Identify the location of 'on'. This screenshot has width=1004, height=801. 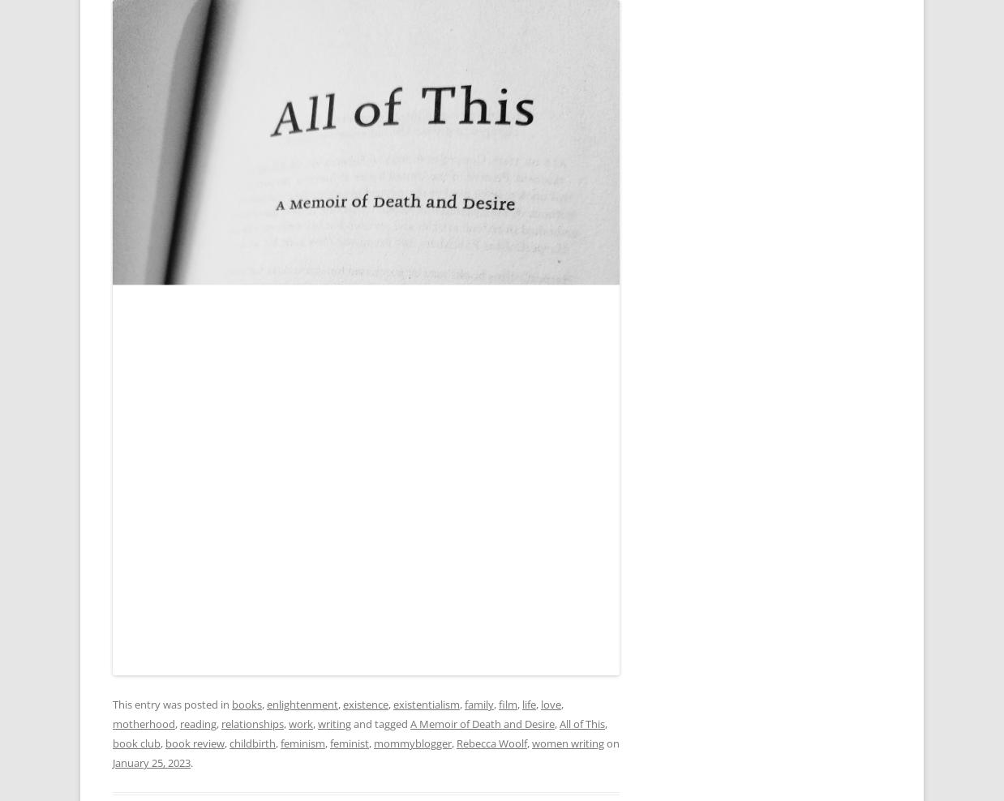
(611, 742).